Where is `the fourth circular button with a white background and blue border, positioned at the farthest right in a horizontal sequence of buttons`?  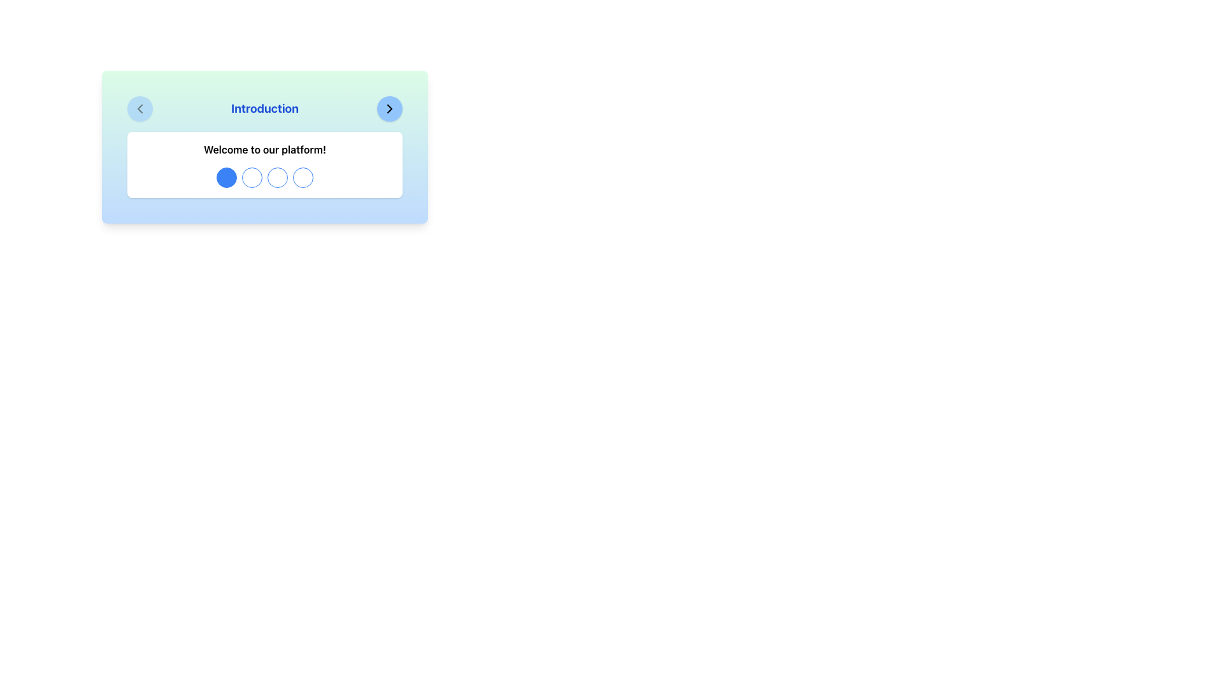 the fourth circular button with a white background and blue border, positioned at the farthest right in a horizontal sequence of buttons is located at coordinates (302, 177).